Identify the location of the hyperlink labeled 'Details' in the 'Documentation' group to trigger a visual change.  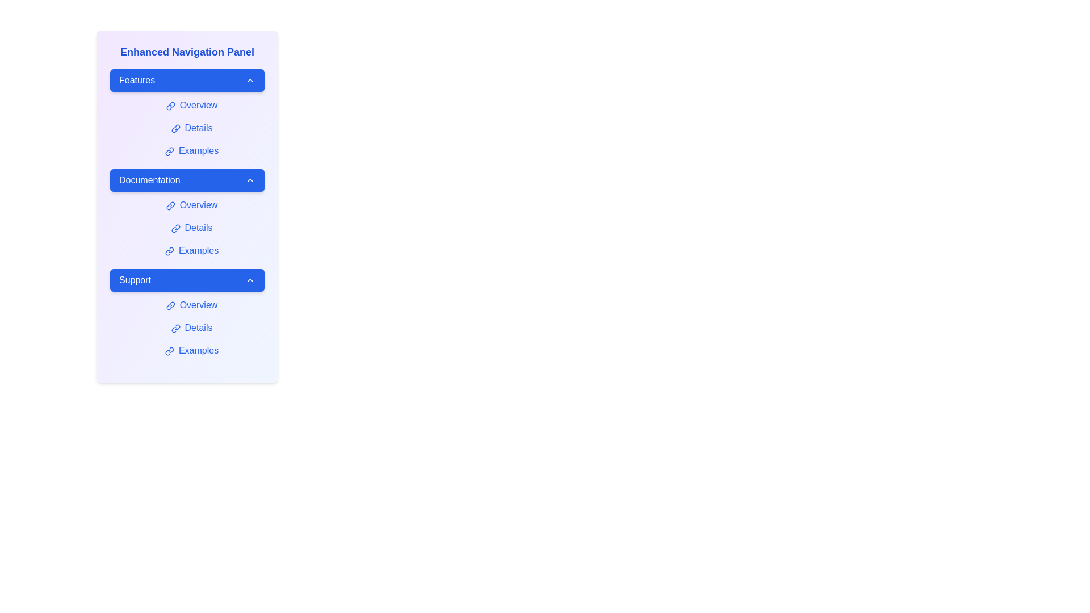
(191, 228).